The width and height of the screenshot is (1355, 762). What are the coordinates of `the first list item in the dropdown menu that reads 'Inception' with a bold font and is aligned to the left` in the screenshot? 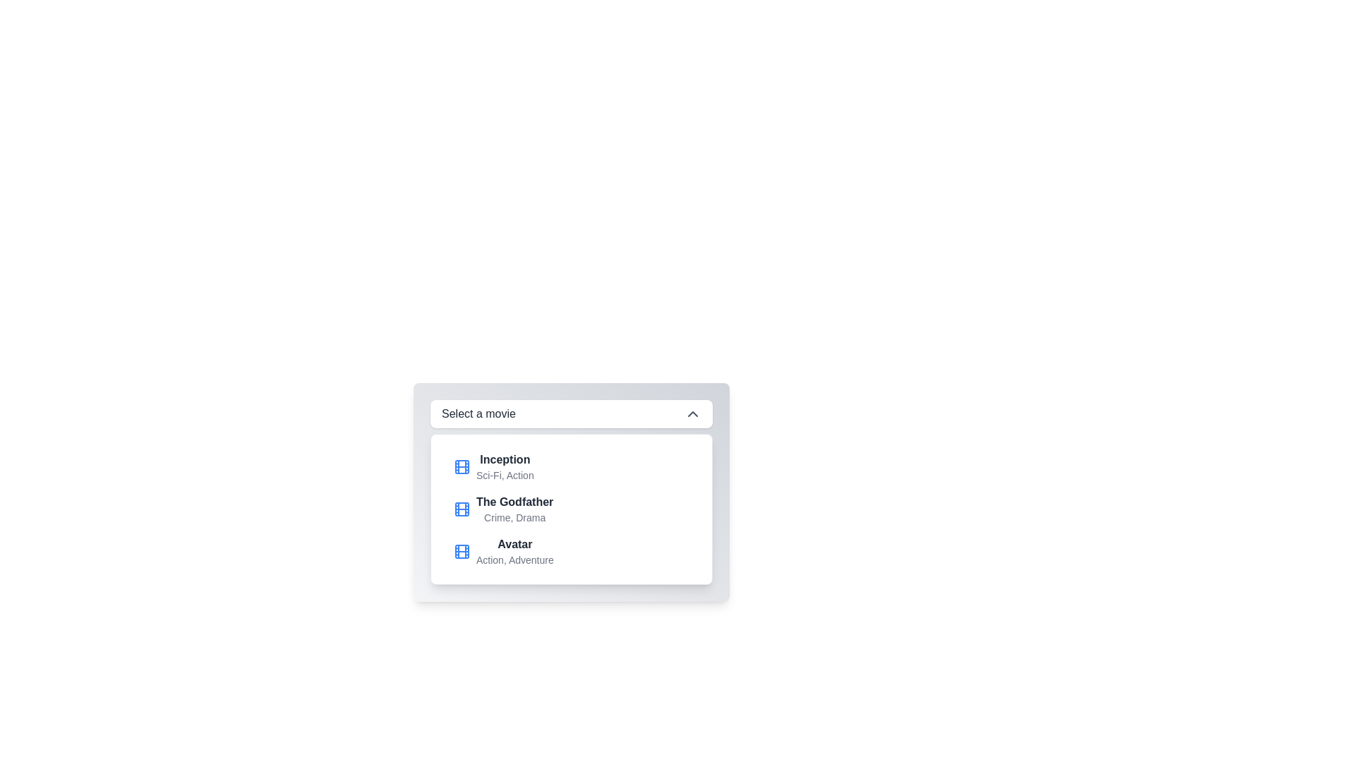 It's located at (505, 467).